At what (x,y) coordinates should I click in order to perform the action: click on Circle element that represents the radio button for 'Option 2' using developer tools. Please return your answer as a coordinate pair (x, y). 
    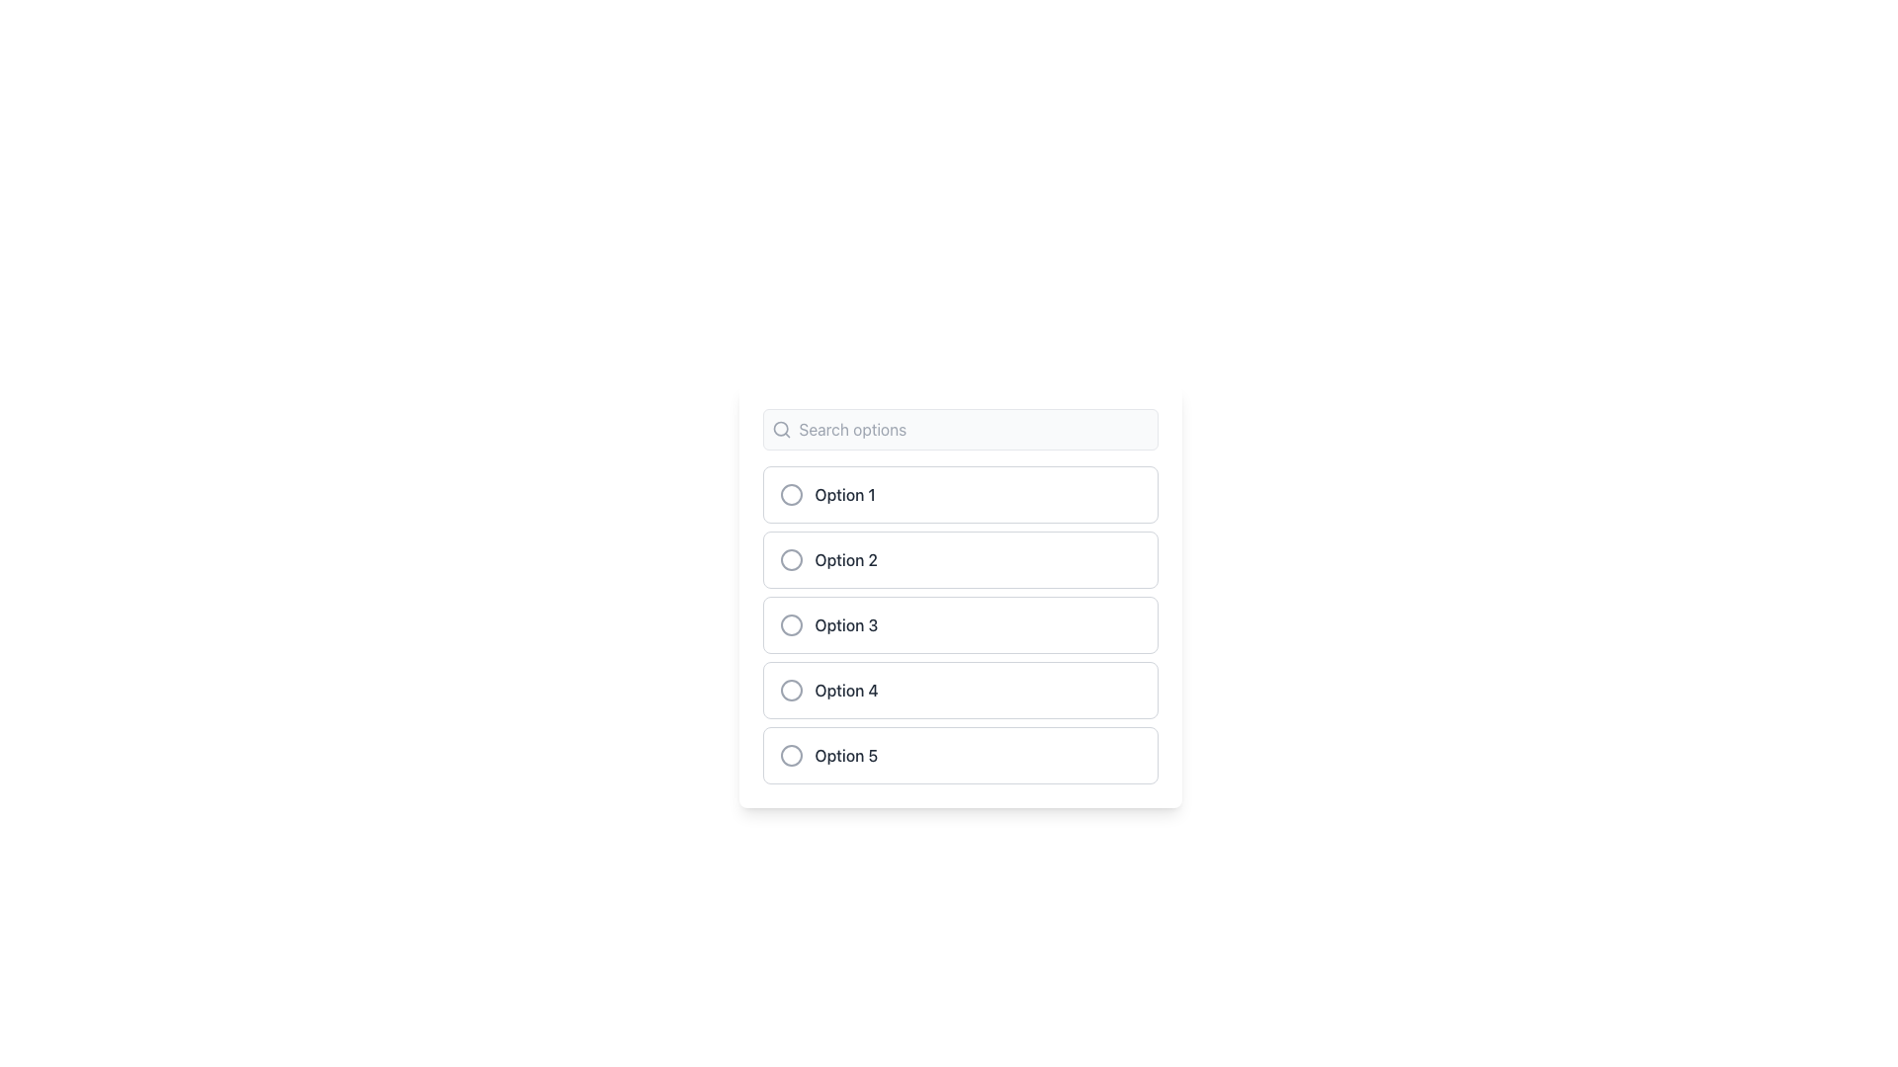
    Looking at the image, I should click on (791, 560).